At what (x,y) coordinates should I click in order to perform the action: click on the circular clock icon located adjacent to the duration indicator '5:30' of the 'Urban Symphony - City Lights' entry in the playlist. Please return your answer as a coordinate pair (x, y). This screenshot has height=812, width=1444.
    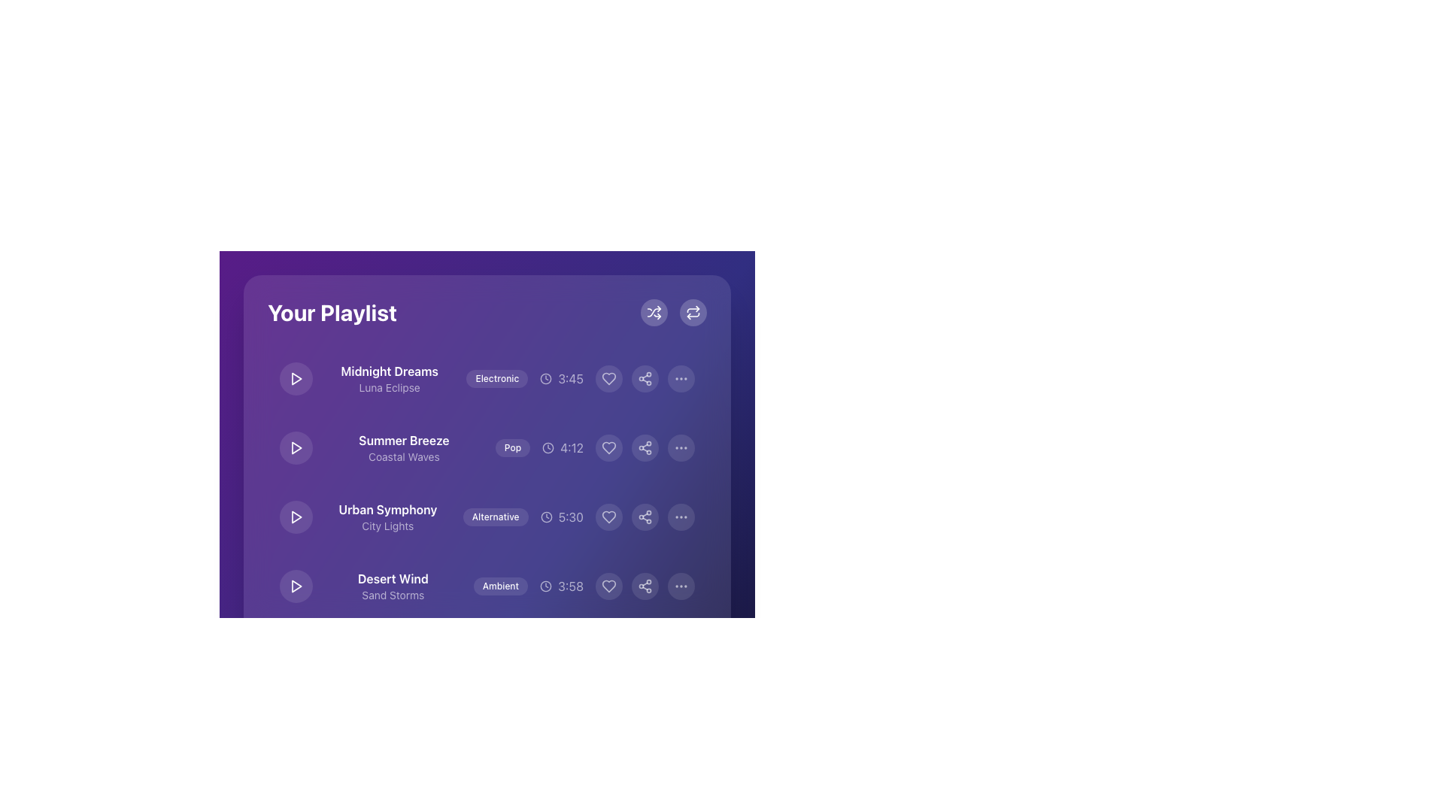
    Looking at the image, I should click on (545, 516).